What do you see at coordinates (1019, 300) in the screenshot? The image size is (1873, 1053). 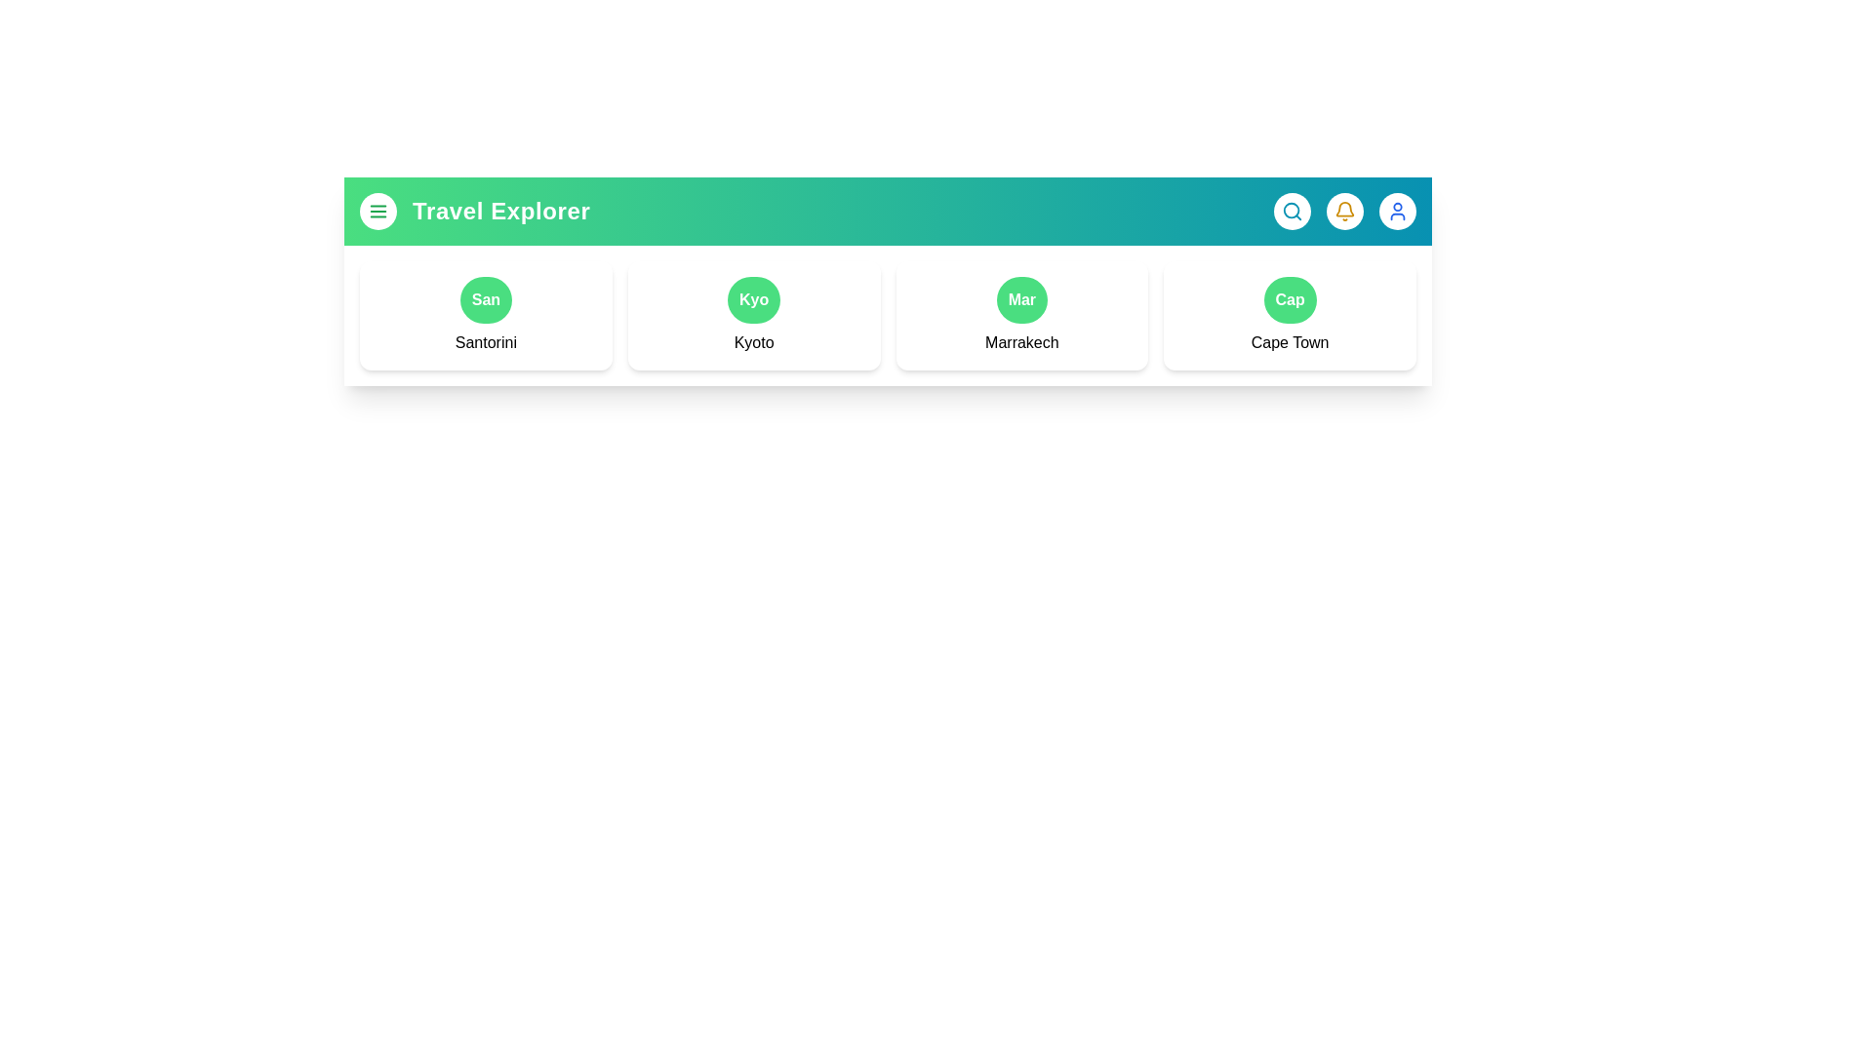 I see `the destination button labeled Marrakech` at bounding box center [1019, 300].